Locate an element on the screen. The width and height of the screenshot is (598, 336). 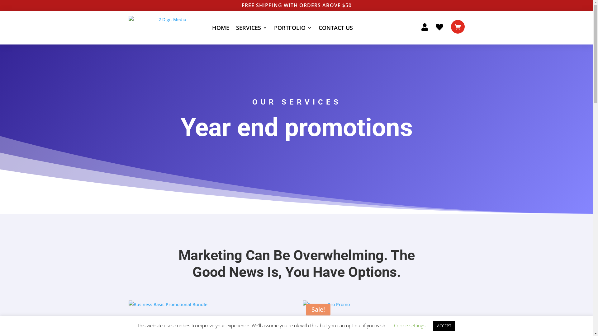
'PORTFOLIO' is located at coordinates (292, 27).